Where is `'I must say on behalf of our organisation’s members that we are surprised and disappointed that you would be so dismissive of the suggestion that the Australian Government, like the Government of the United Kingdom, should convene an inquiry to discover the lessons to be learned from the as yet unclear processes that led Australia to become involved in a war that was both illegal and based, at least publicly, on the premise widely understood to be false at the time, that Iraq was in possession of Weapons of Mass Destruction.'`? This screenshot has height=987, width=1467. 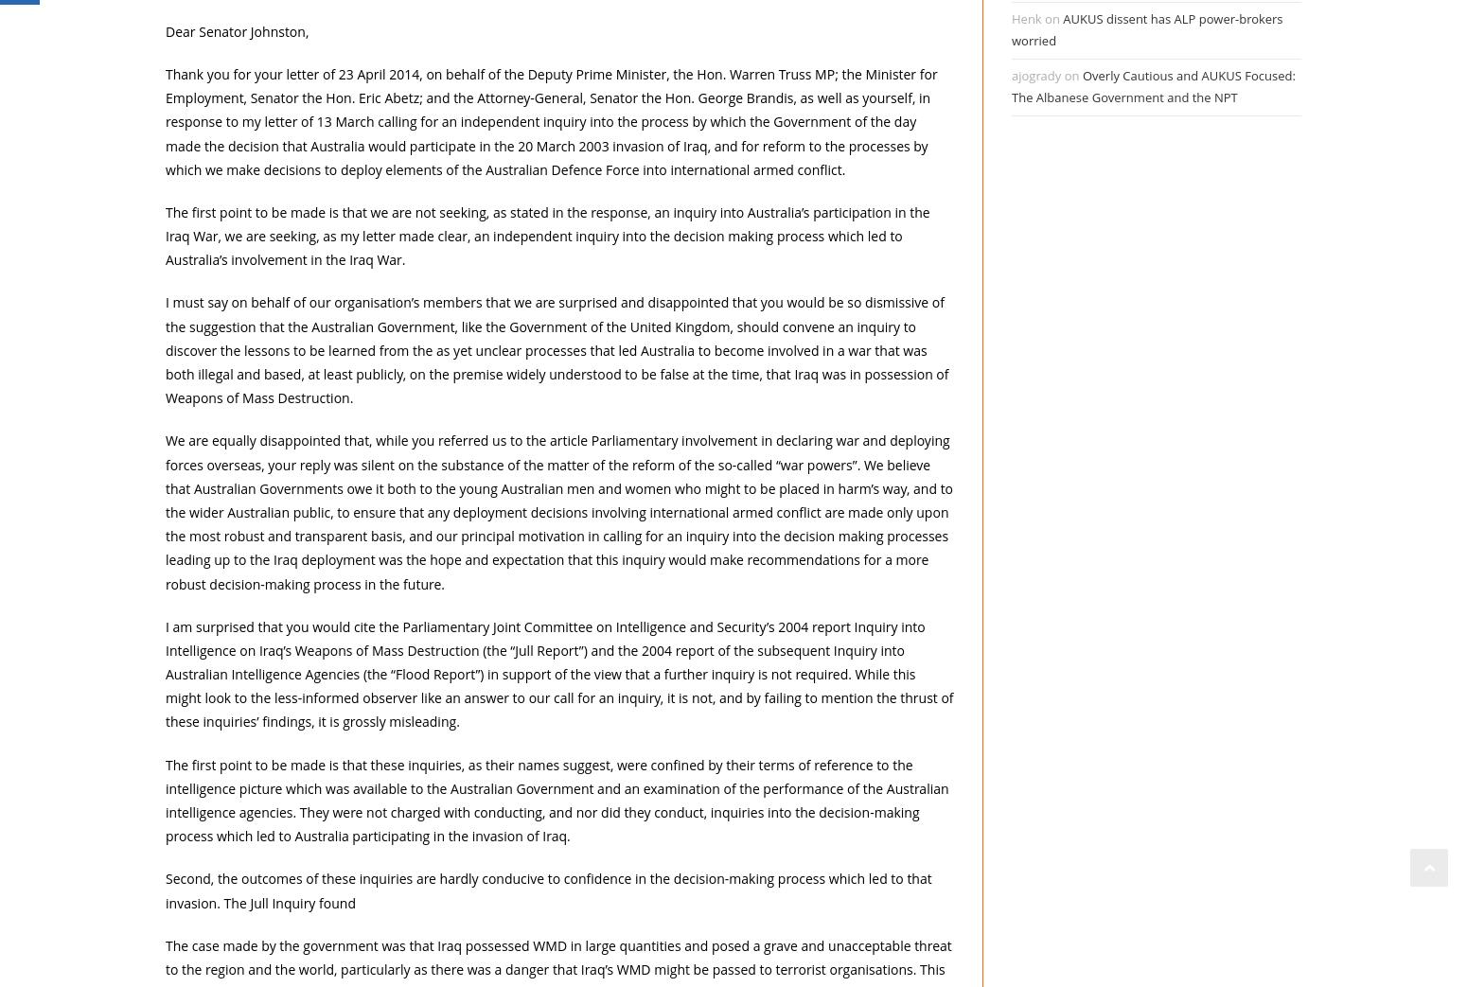 'I must say on behalf of our organisation’s members that we are surprised and disappointed that you would be so dismissive of the suggestion that the Australian Government, like the Government of the United Kingdom, should convene an inquiry to discover the lessons to be learned from the as yet unclear processes that led Australia to become involved in a war that was both illegal and based, at least publicly, on the premise widely understood to be false at the time, that Iraq was in possession of Weapons of Mass Destruction.' is located at coordinates (557, 348).